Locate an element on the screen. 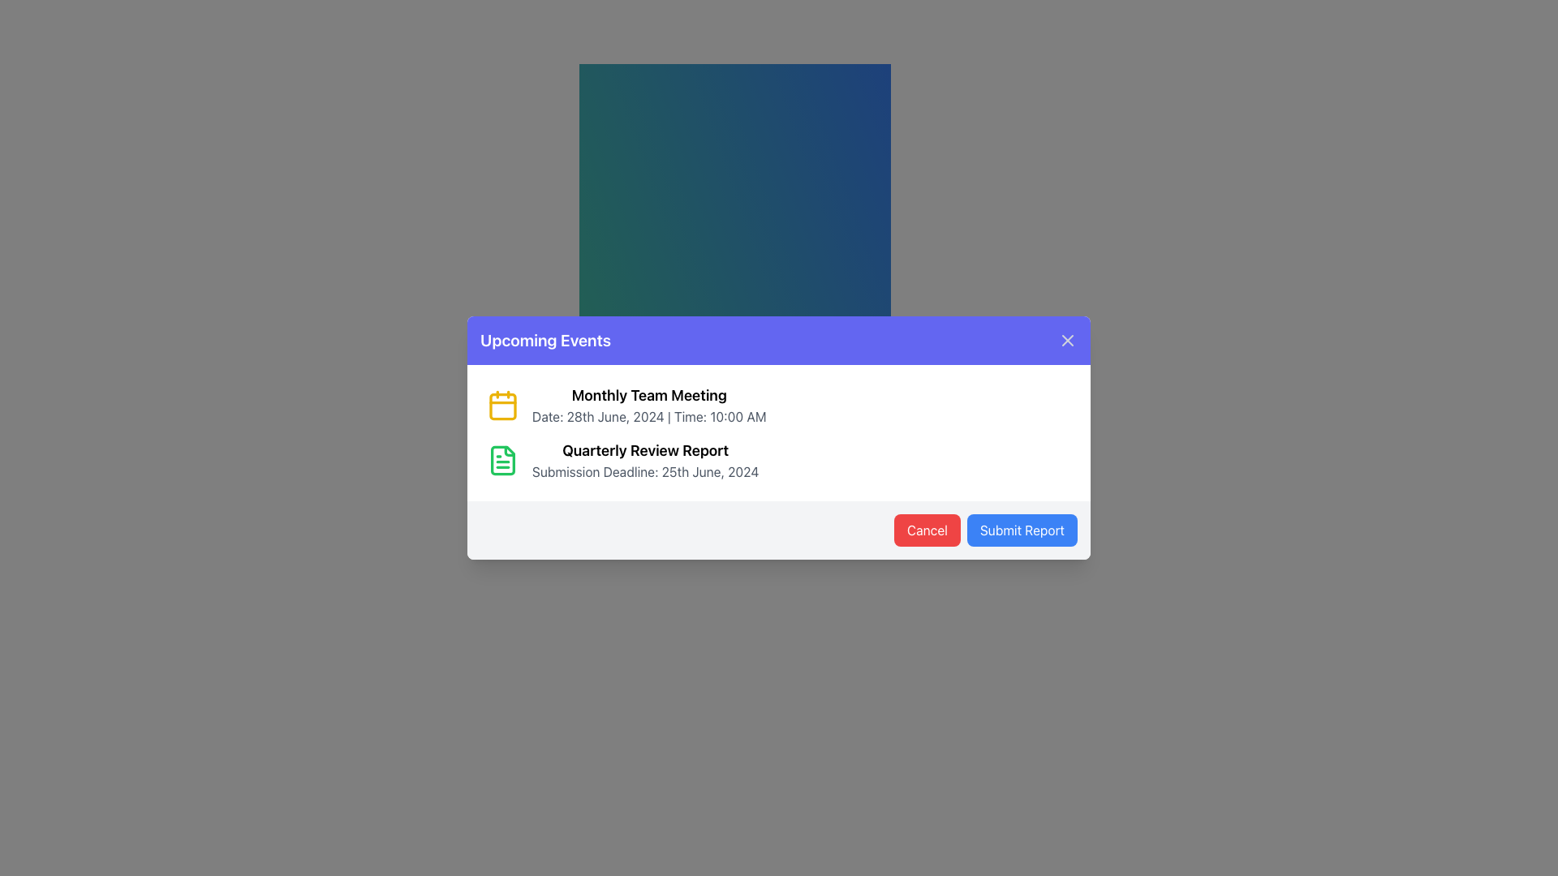 This screenshot has width=1558, height=876. the List entry for 'Quarterly Review Report' which is the second item in the event list, located below 'Monthly Team Meeting' is located at coordinates (779, 460).